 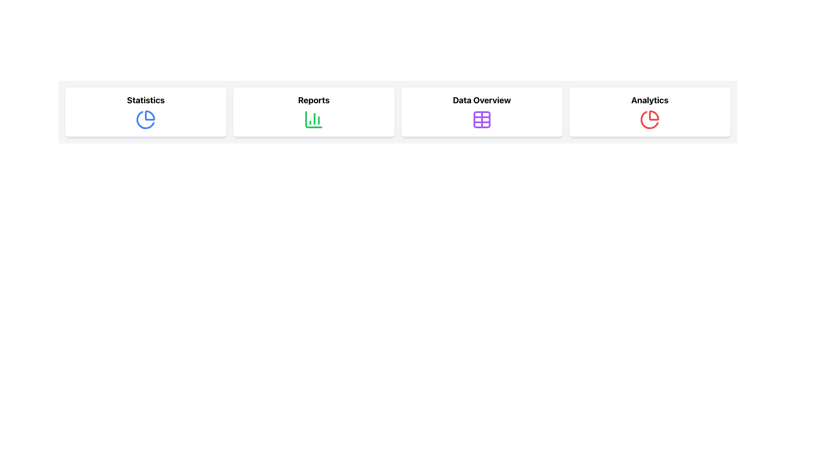 I want to click on the navigation card component labeled 'Analytics' with a red pie-chart icon, positioned as the fourth card in a grid layout, so click(x=649, y=112).